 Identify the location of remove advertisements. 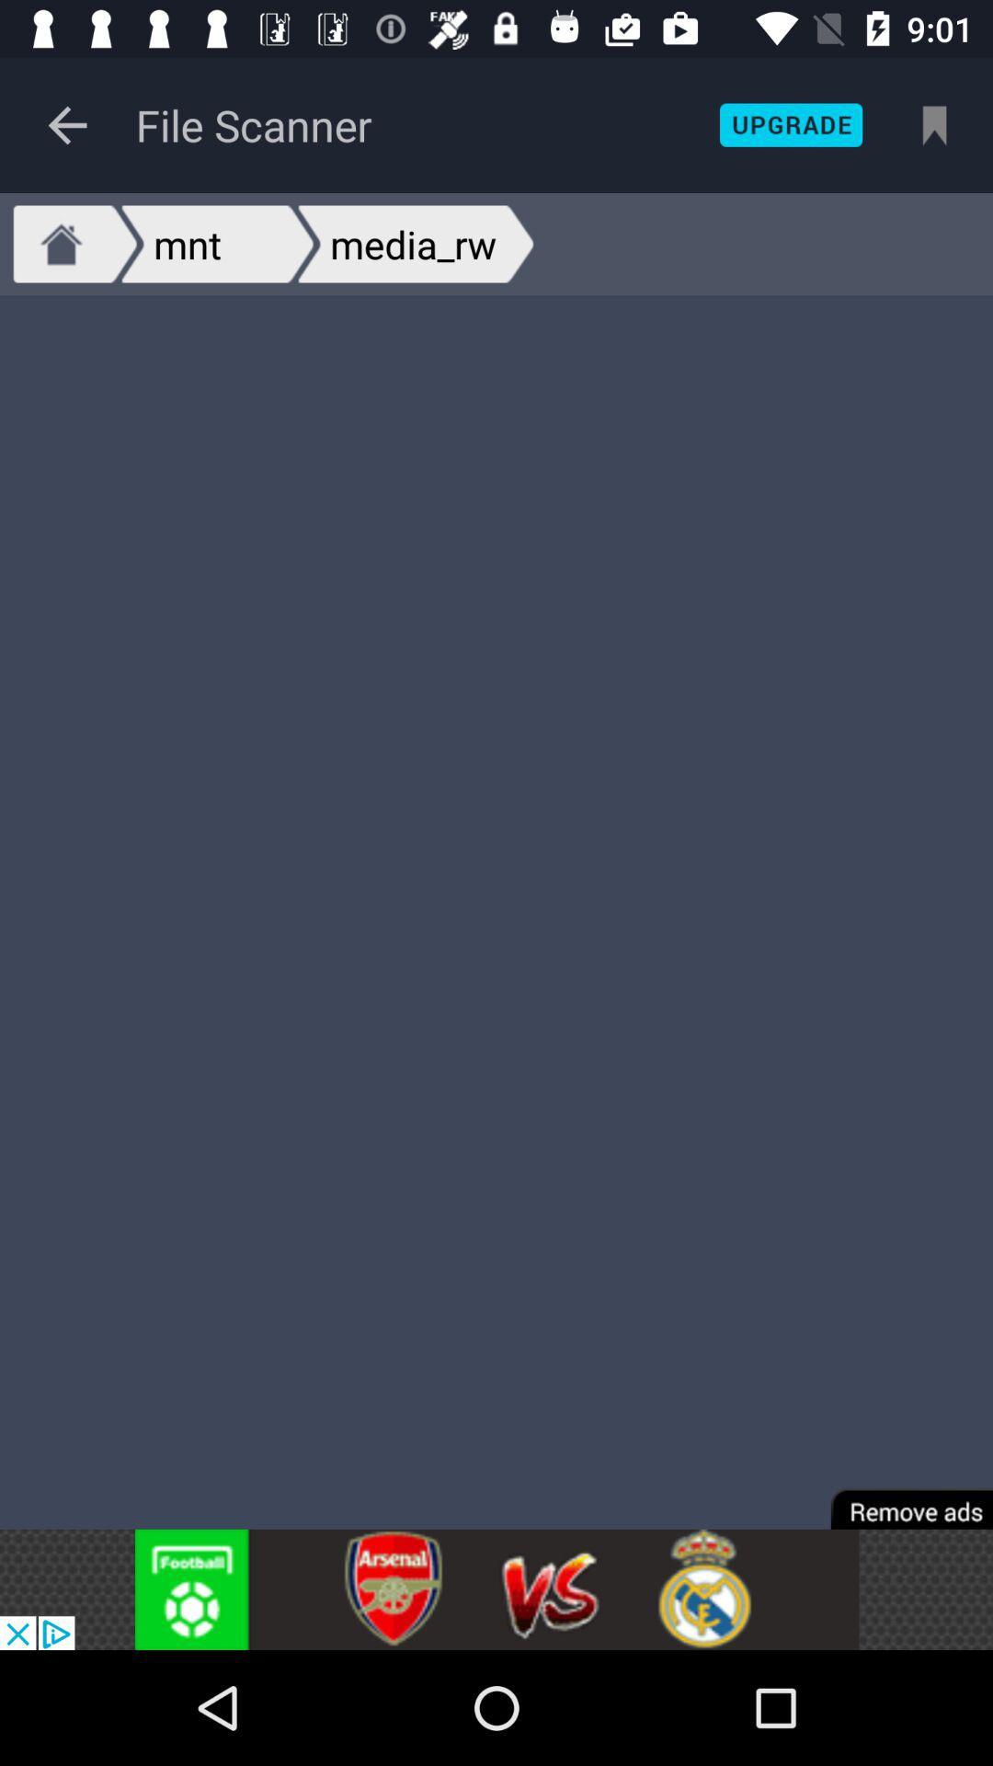
(898, 1497).